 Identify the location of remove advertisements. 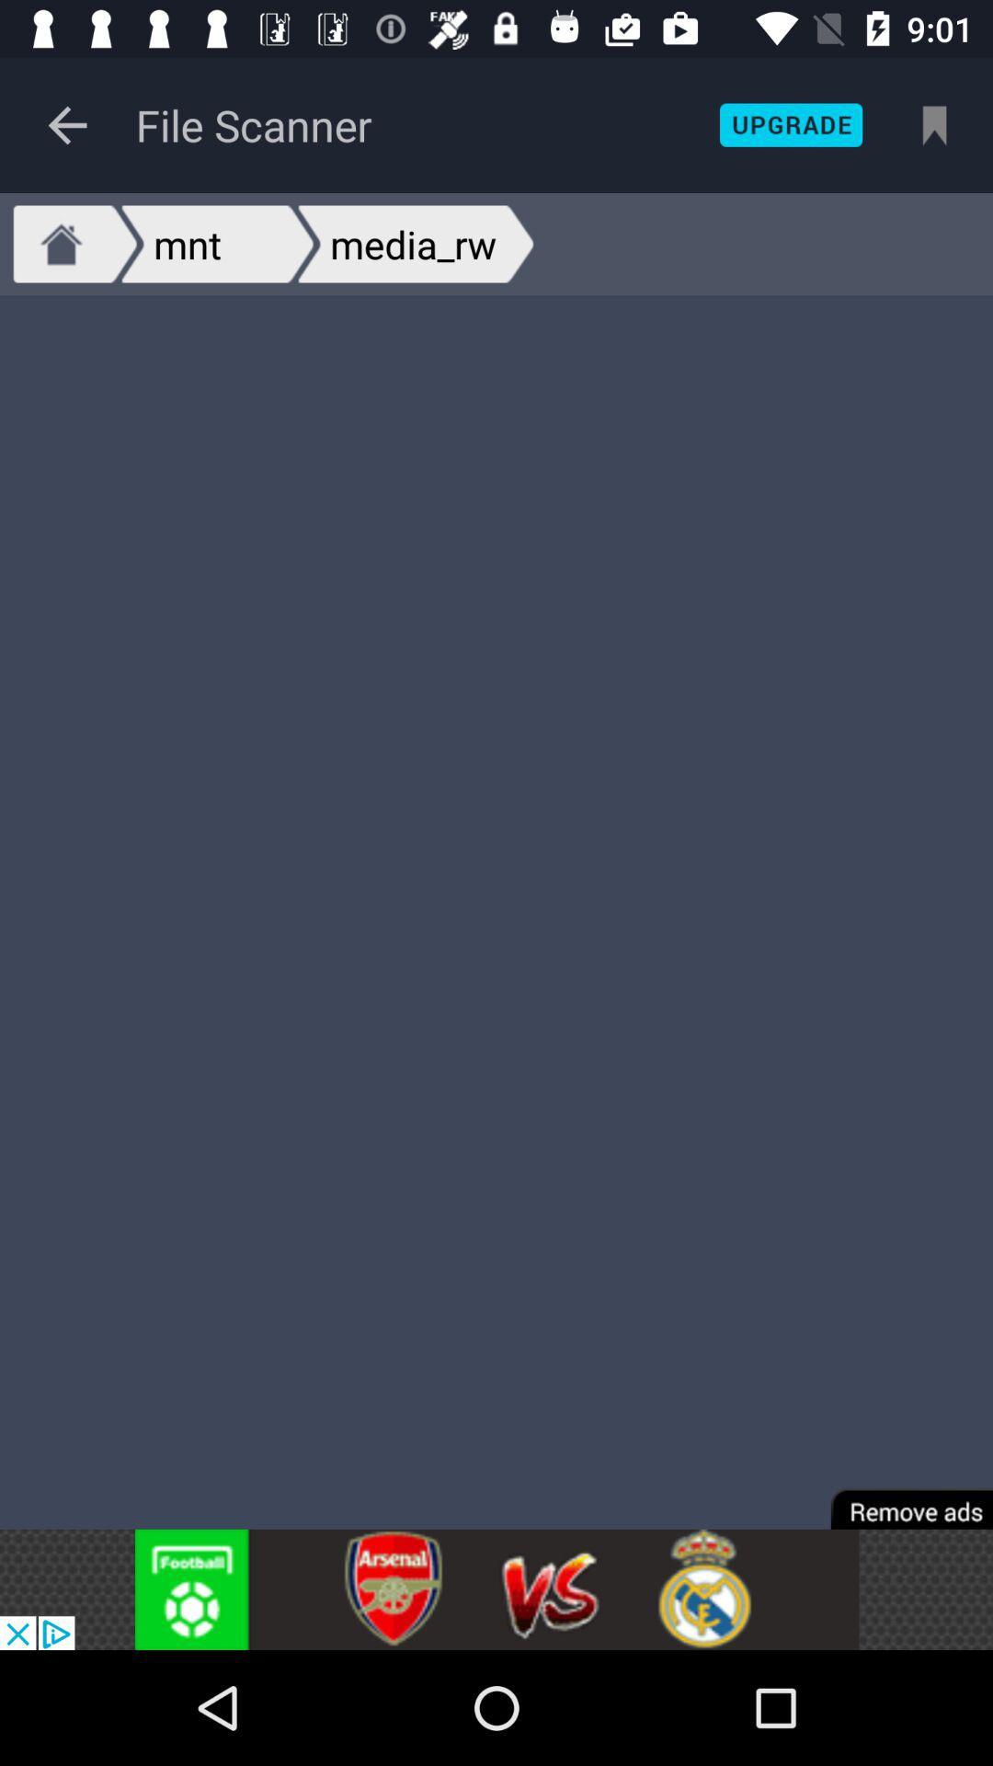
(898, 1497).